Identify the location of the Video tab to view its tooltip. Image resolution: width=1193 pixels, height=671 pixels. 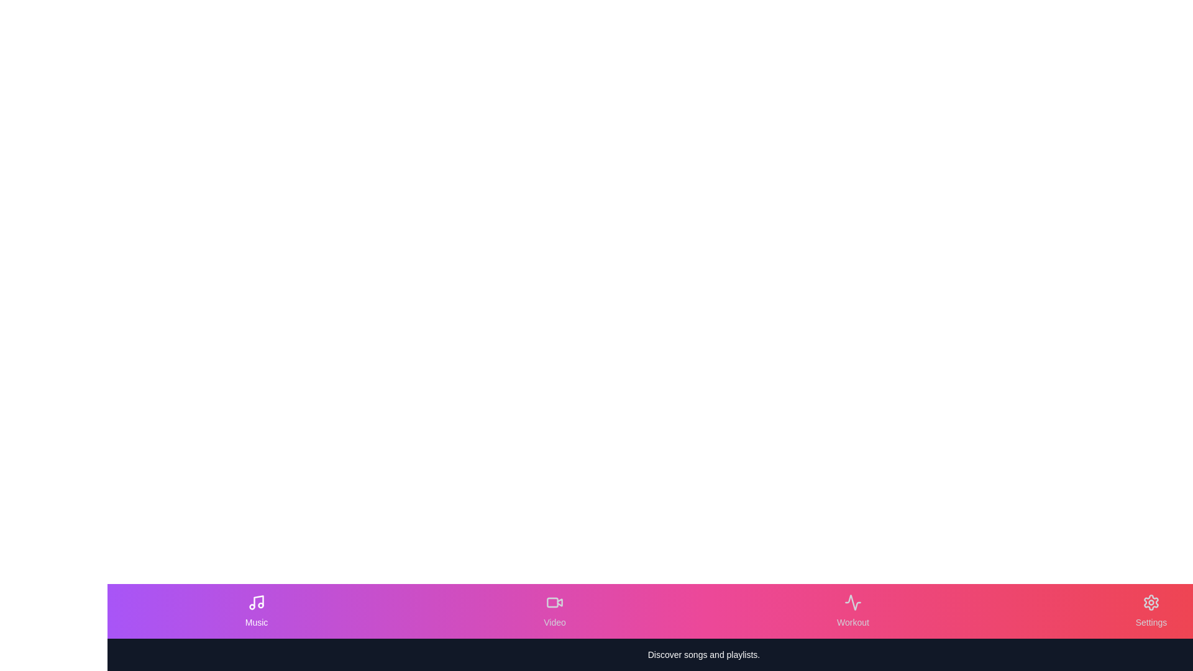
(554, 610).